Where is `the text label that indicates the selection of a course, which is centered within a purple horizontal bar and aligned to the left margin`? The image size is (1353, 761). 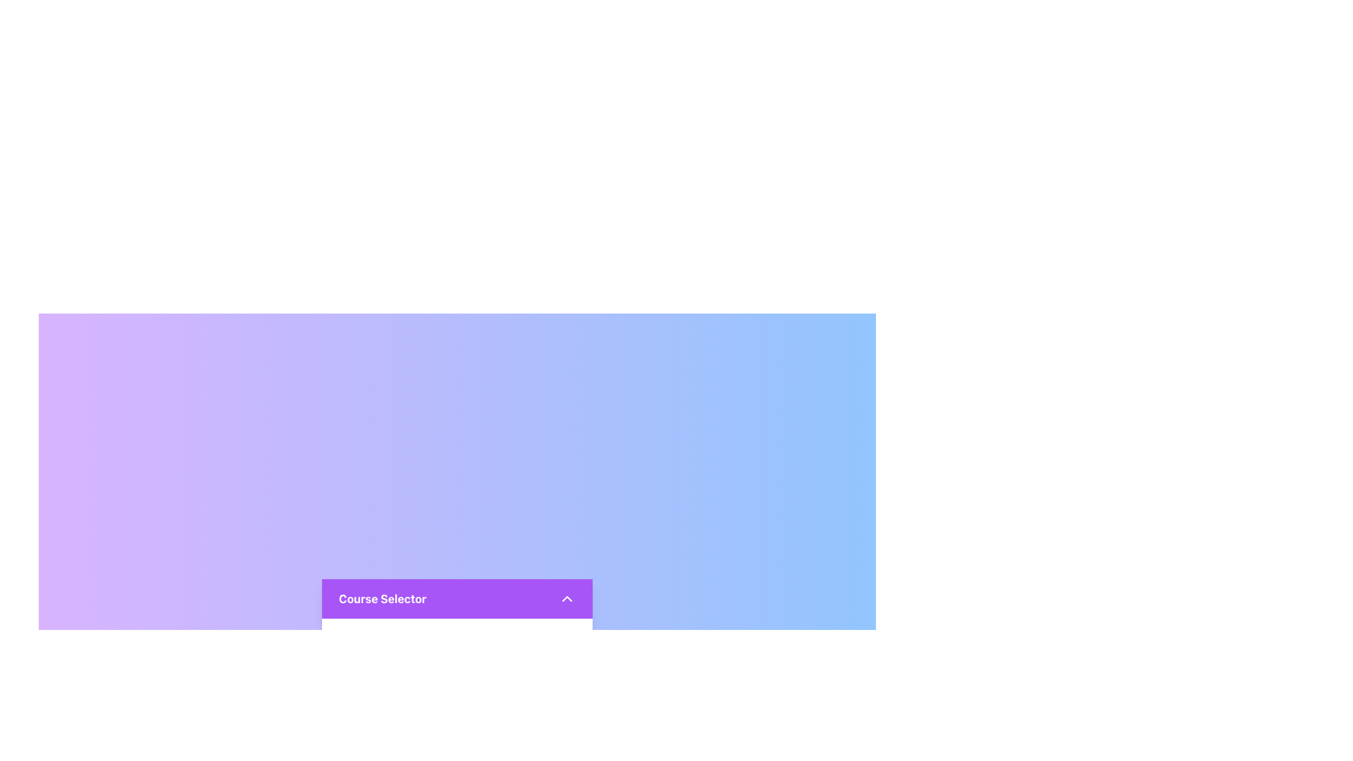 the text label that indicates the selection of a course, which is centered within a purple horizontal bar and aligned to the left margin is located at coordinates (383, 598).